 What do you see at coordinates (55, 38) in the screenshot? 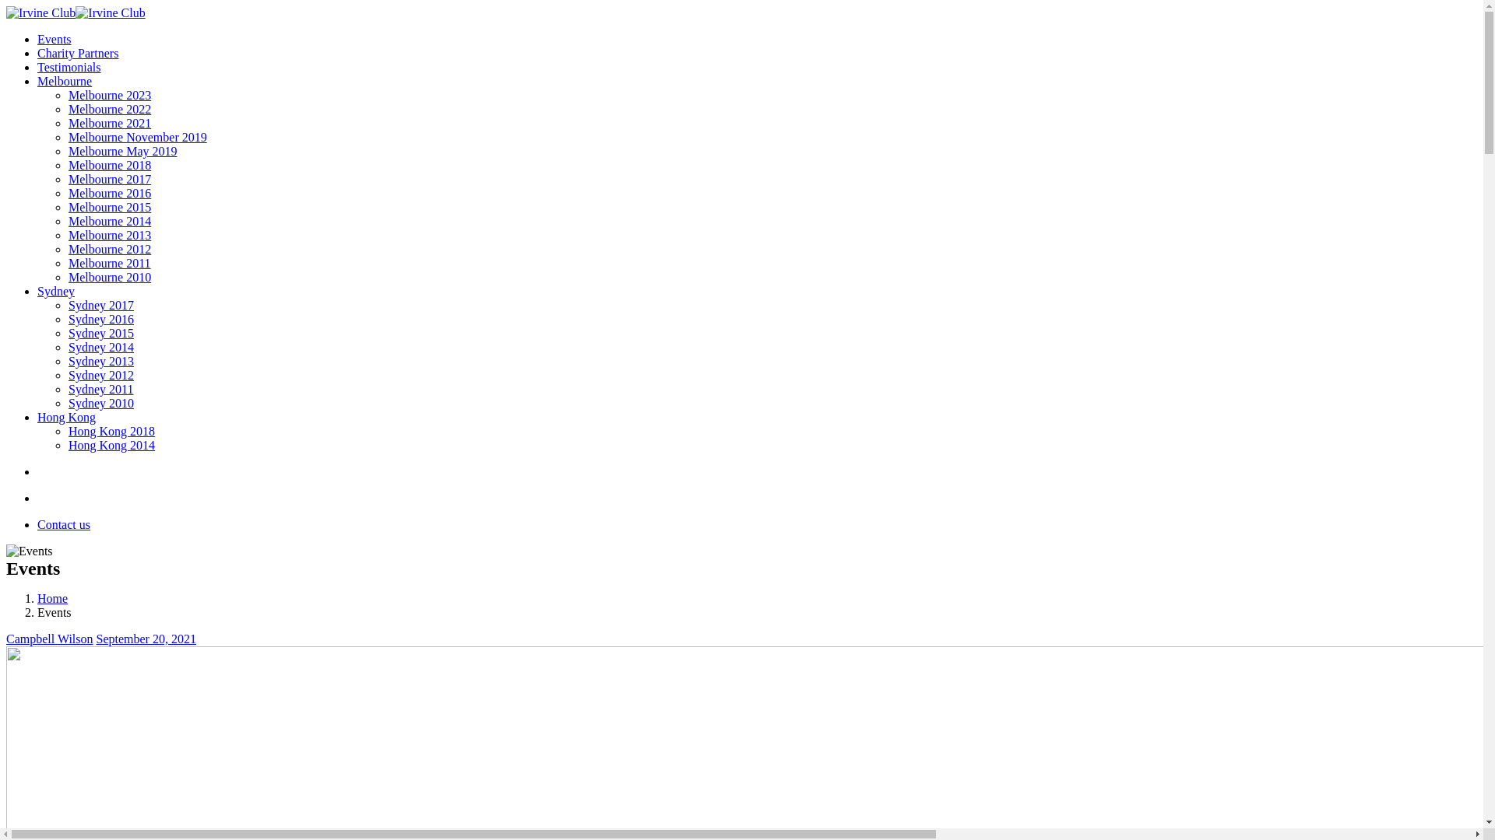
I see `'Events'` at bounding box center [55, 38].